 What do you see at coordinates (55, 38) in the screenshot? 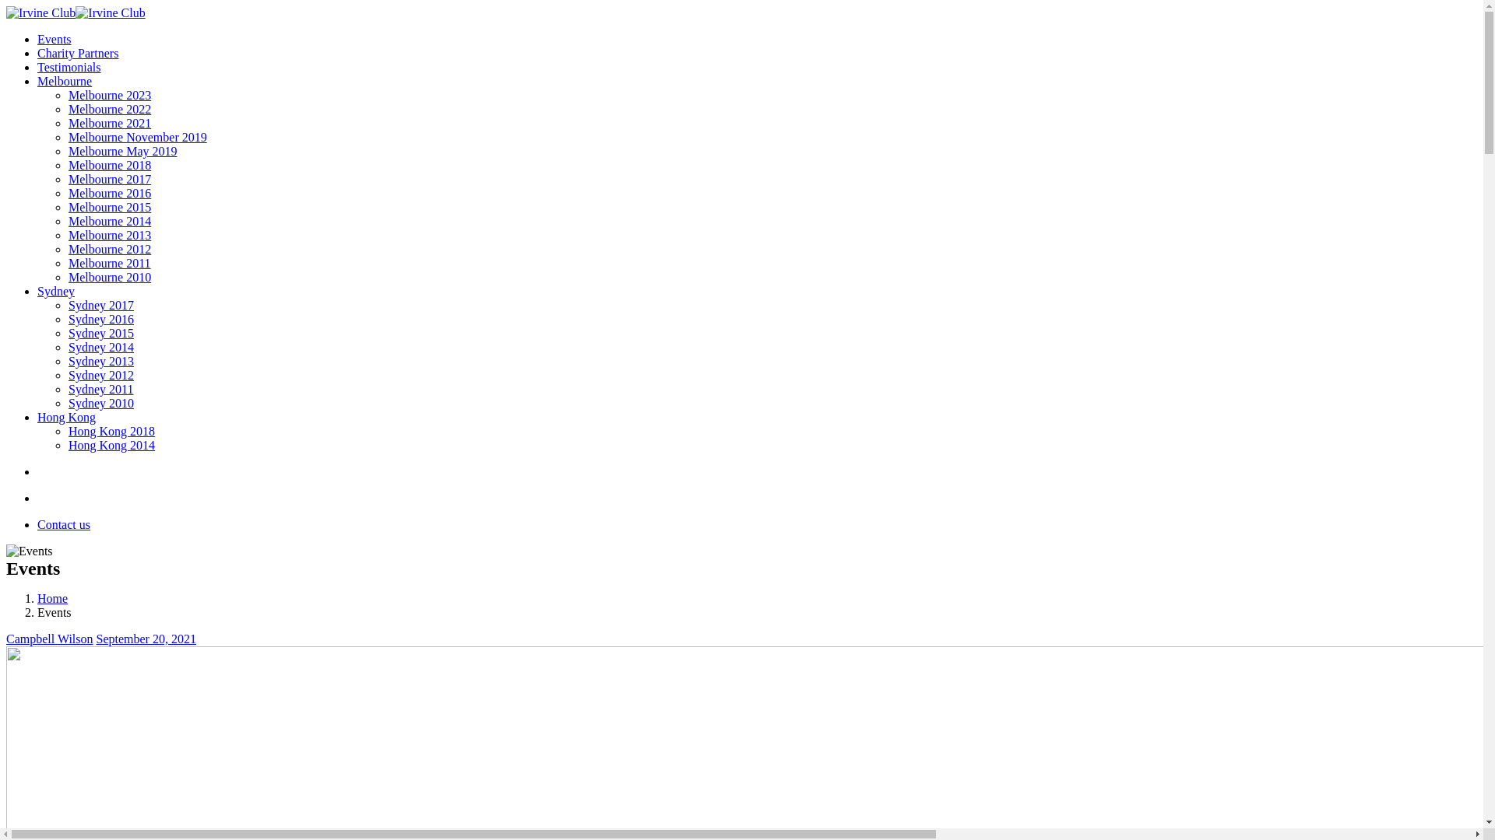
I see `'Events'` at bounding box center [55, 38].